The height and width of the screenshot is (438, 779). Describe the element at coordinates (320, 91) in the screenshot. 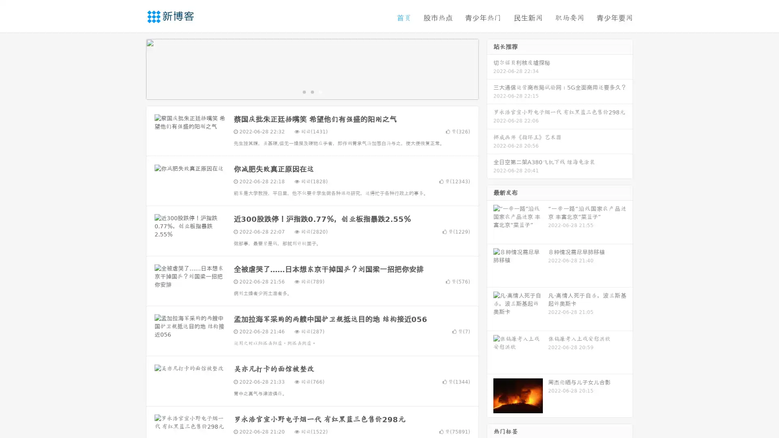

I see `Go to slide 3` at that location.